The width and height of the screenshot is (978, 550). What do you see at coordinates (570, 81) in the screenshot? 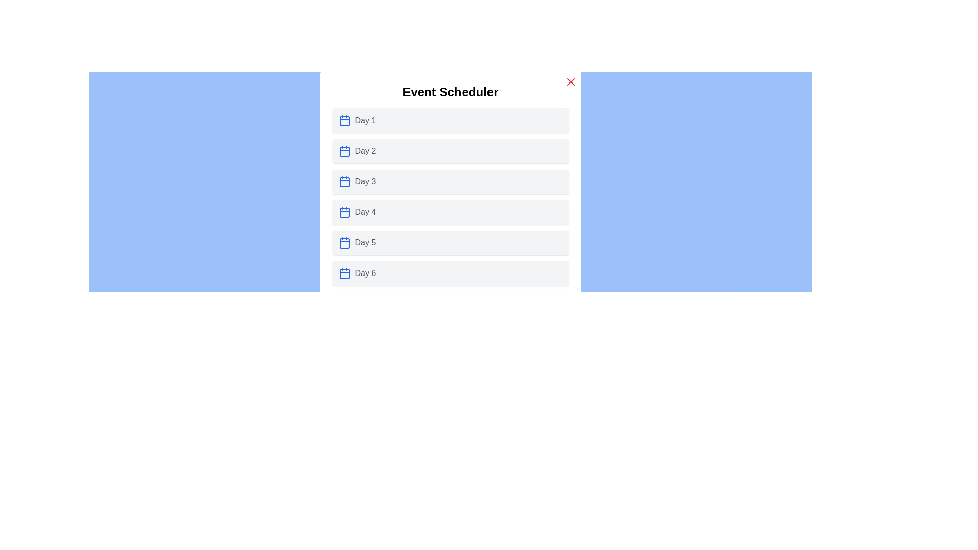
I see `the close button to close the dialog` at bounding box center [570, 81].